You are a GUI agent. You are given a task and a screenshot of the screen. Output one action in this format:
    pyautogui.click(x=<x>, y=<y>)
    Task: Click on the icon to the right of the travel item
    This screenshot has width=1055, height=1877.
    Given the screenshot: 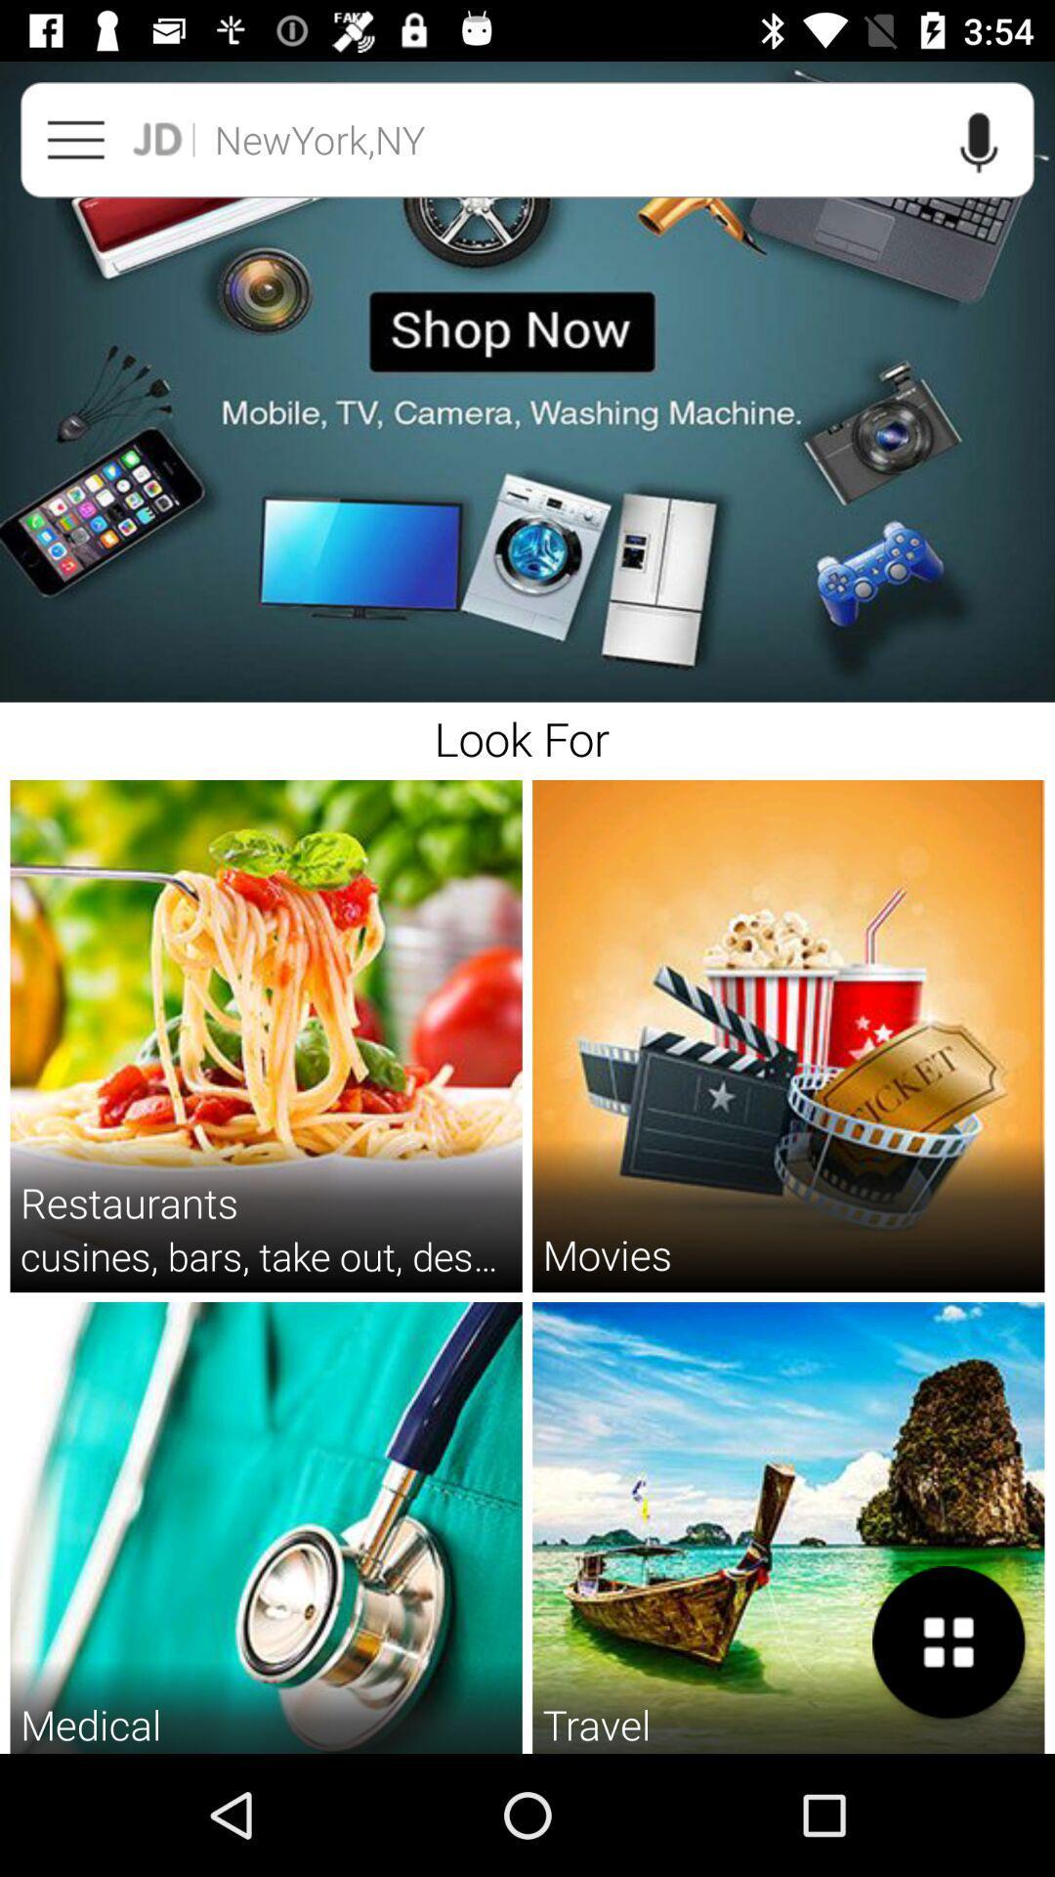 What is the action you would take?
    pyautogui.click(x=949, y=1642)
    